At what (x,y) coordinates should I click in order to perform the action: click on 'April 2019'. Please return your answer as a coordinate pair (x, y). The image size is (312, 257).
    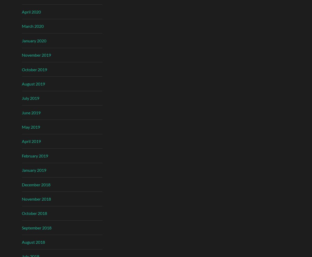
    Looking at the image, I should click on (31, 141).